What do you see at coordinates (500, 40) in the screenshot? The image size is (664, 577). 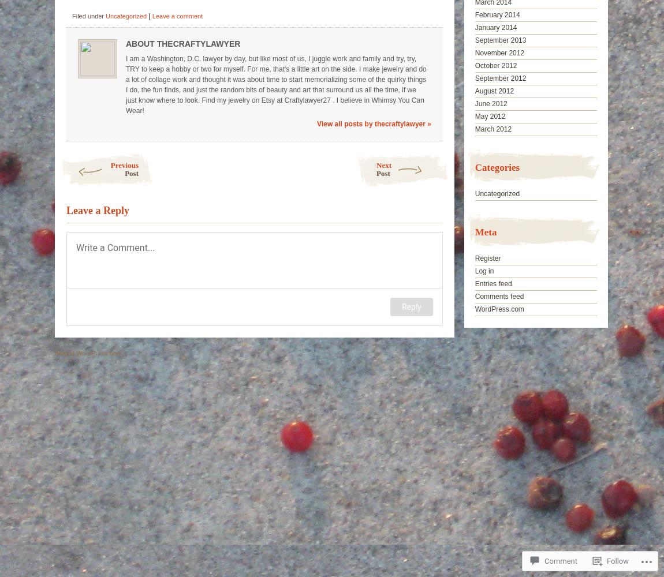 I see `'September 2013'` at bounding box center [500, 40].